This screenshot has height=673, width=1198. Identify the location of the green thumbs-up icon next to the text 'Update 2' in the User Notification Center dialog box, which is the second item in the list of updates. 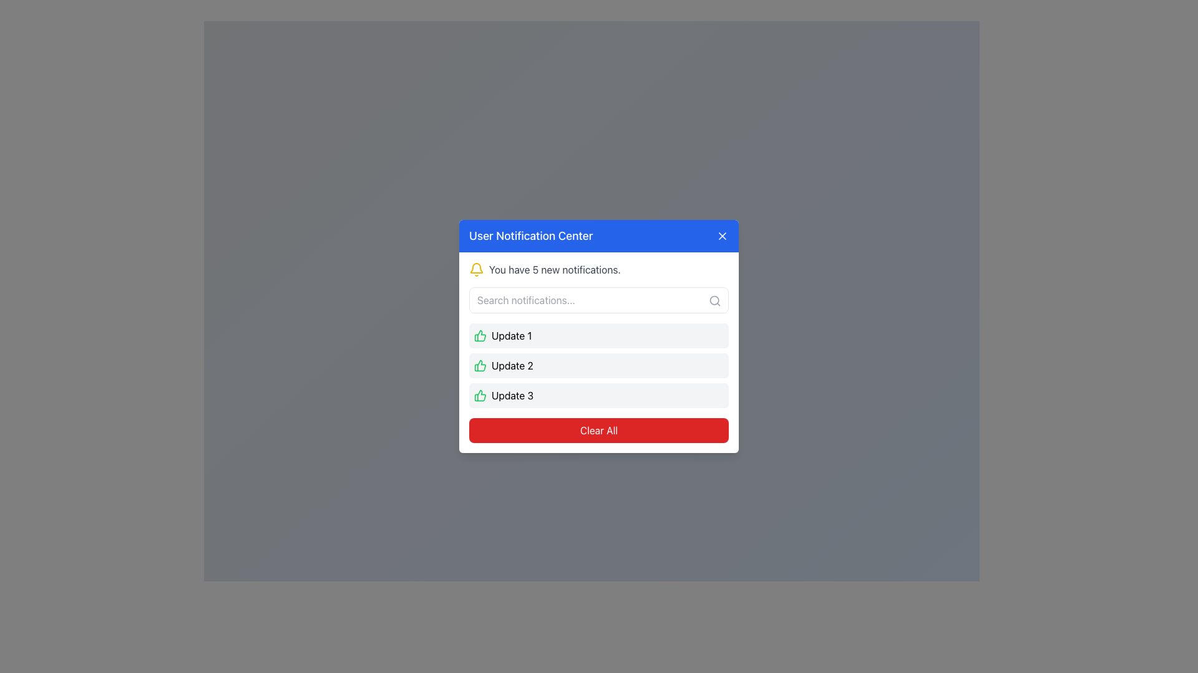
(599, 365).